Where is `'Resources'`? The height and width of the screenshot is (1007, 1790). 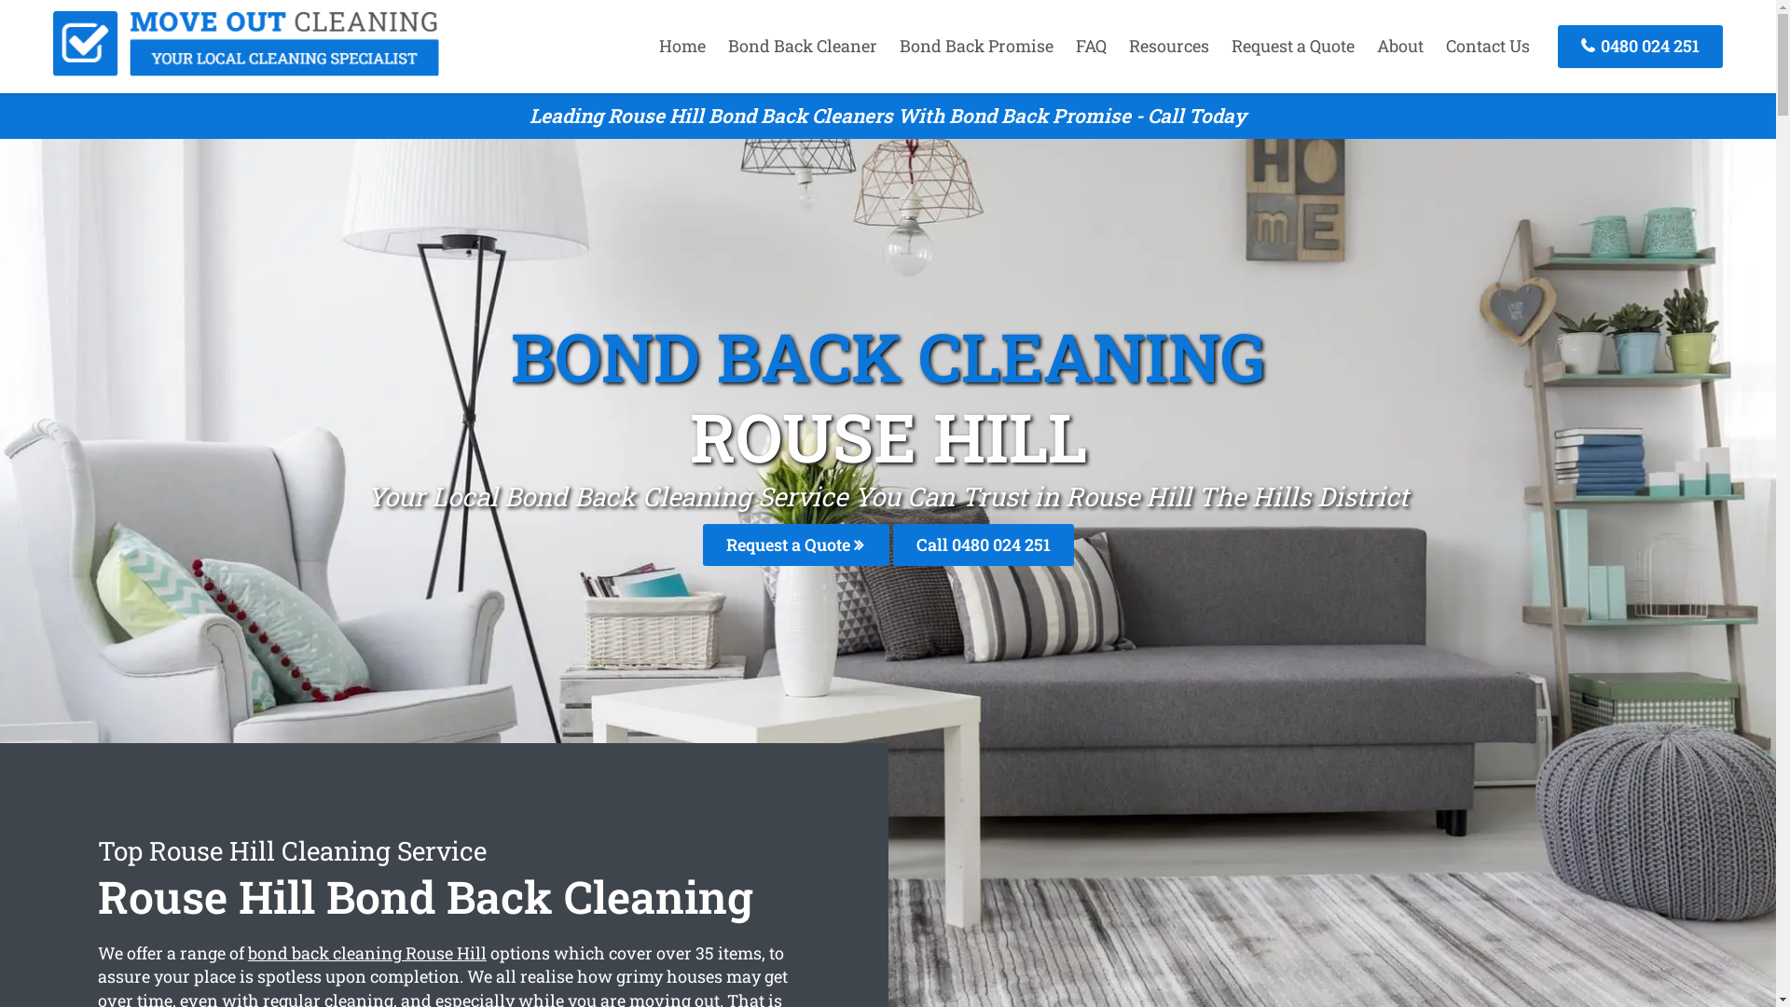 'Resources' is located at coordinates (1167, 45).